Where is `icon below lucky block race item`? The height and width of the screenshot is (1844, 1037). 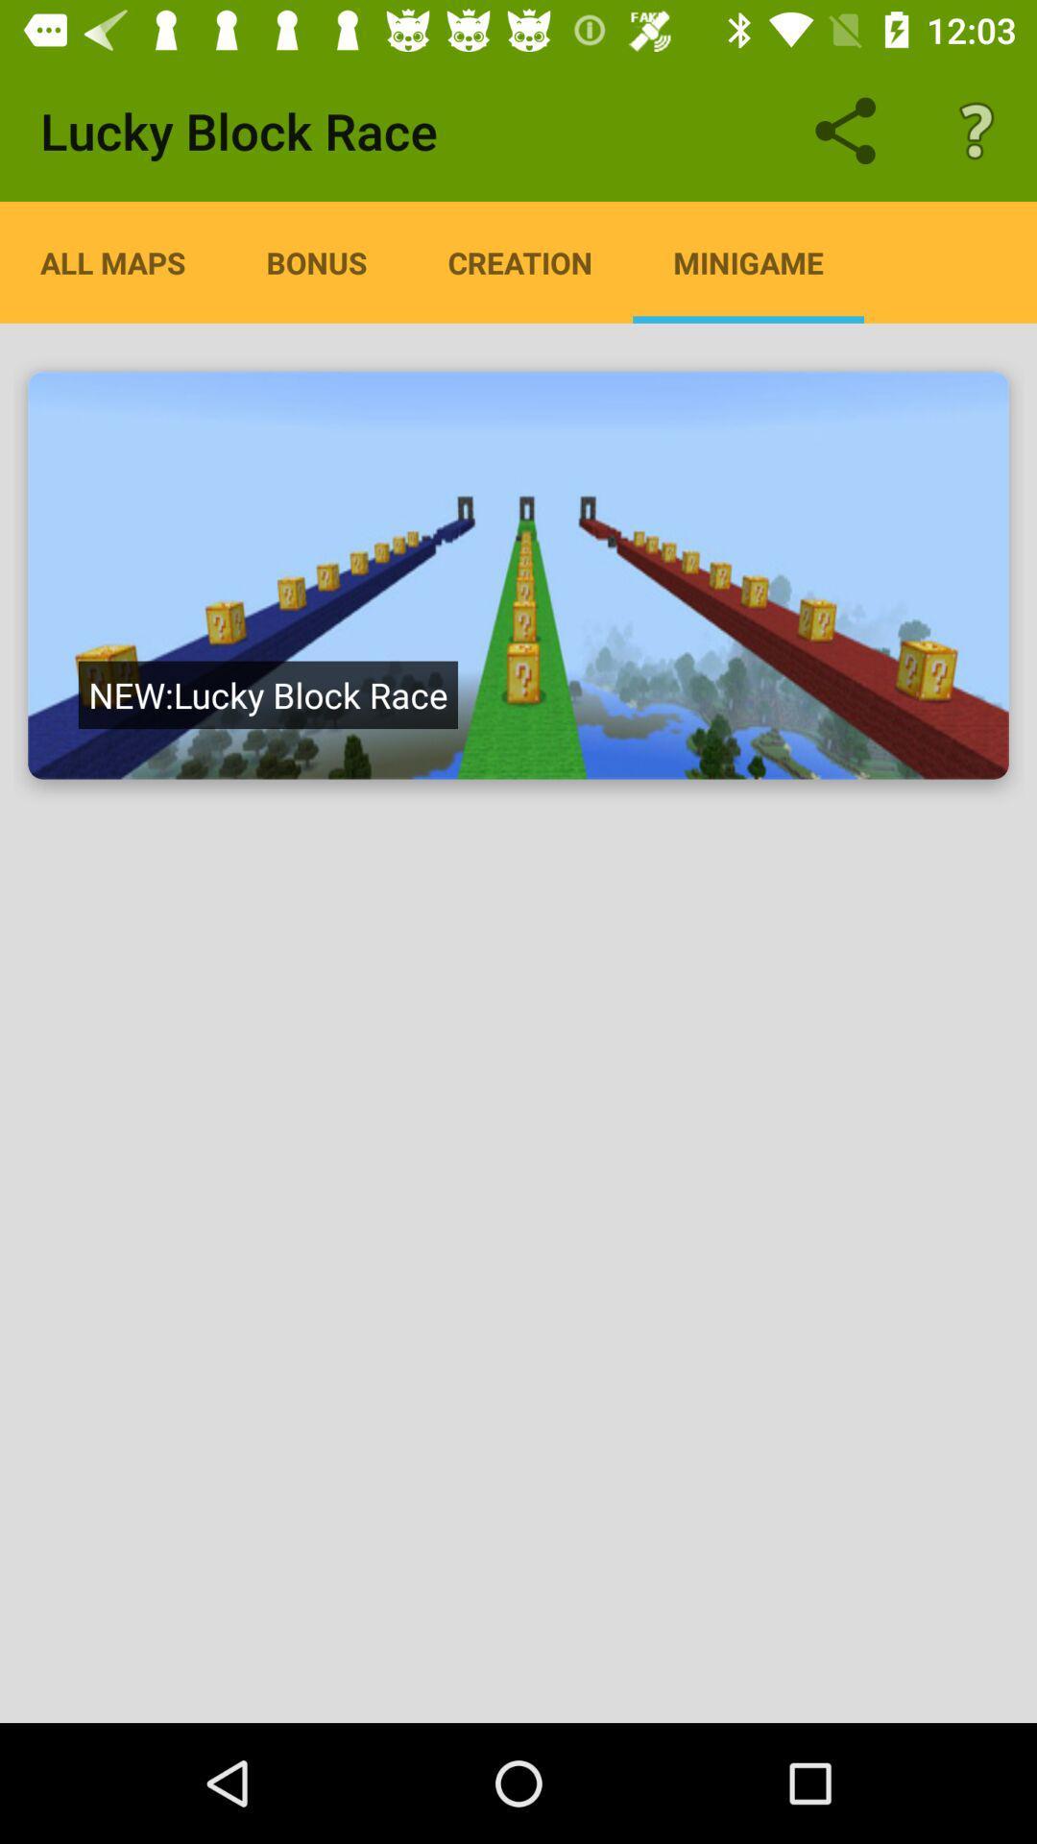 icon below lucky block race item is located at coordinates (316, 261).